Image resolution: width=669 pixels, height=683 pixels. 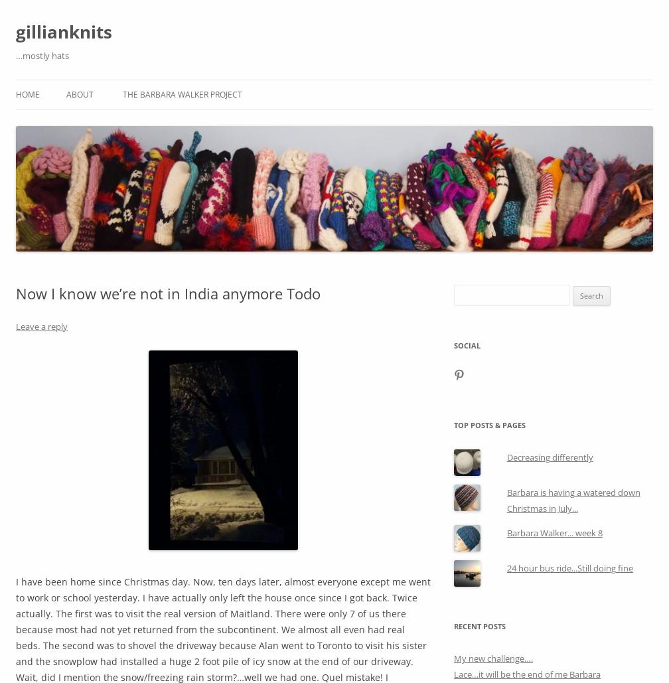 I want to click on 'The Barbara Walker Project', so click(x=182, y=94).